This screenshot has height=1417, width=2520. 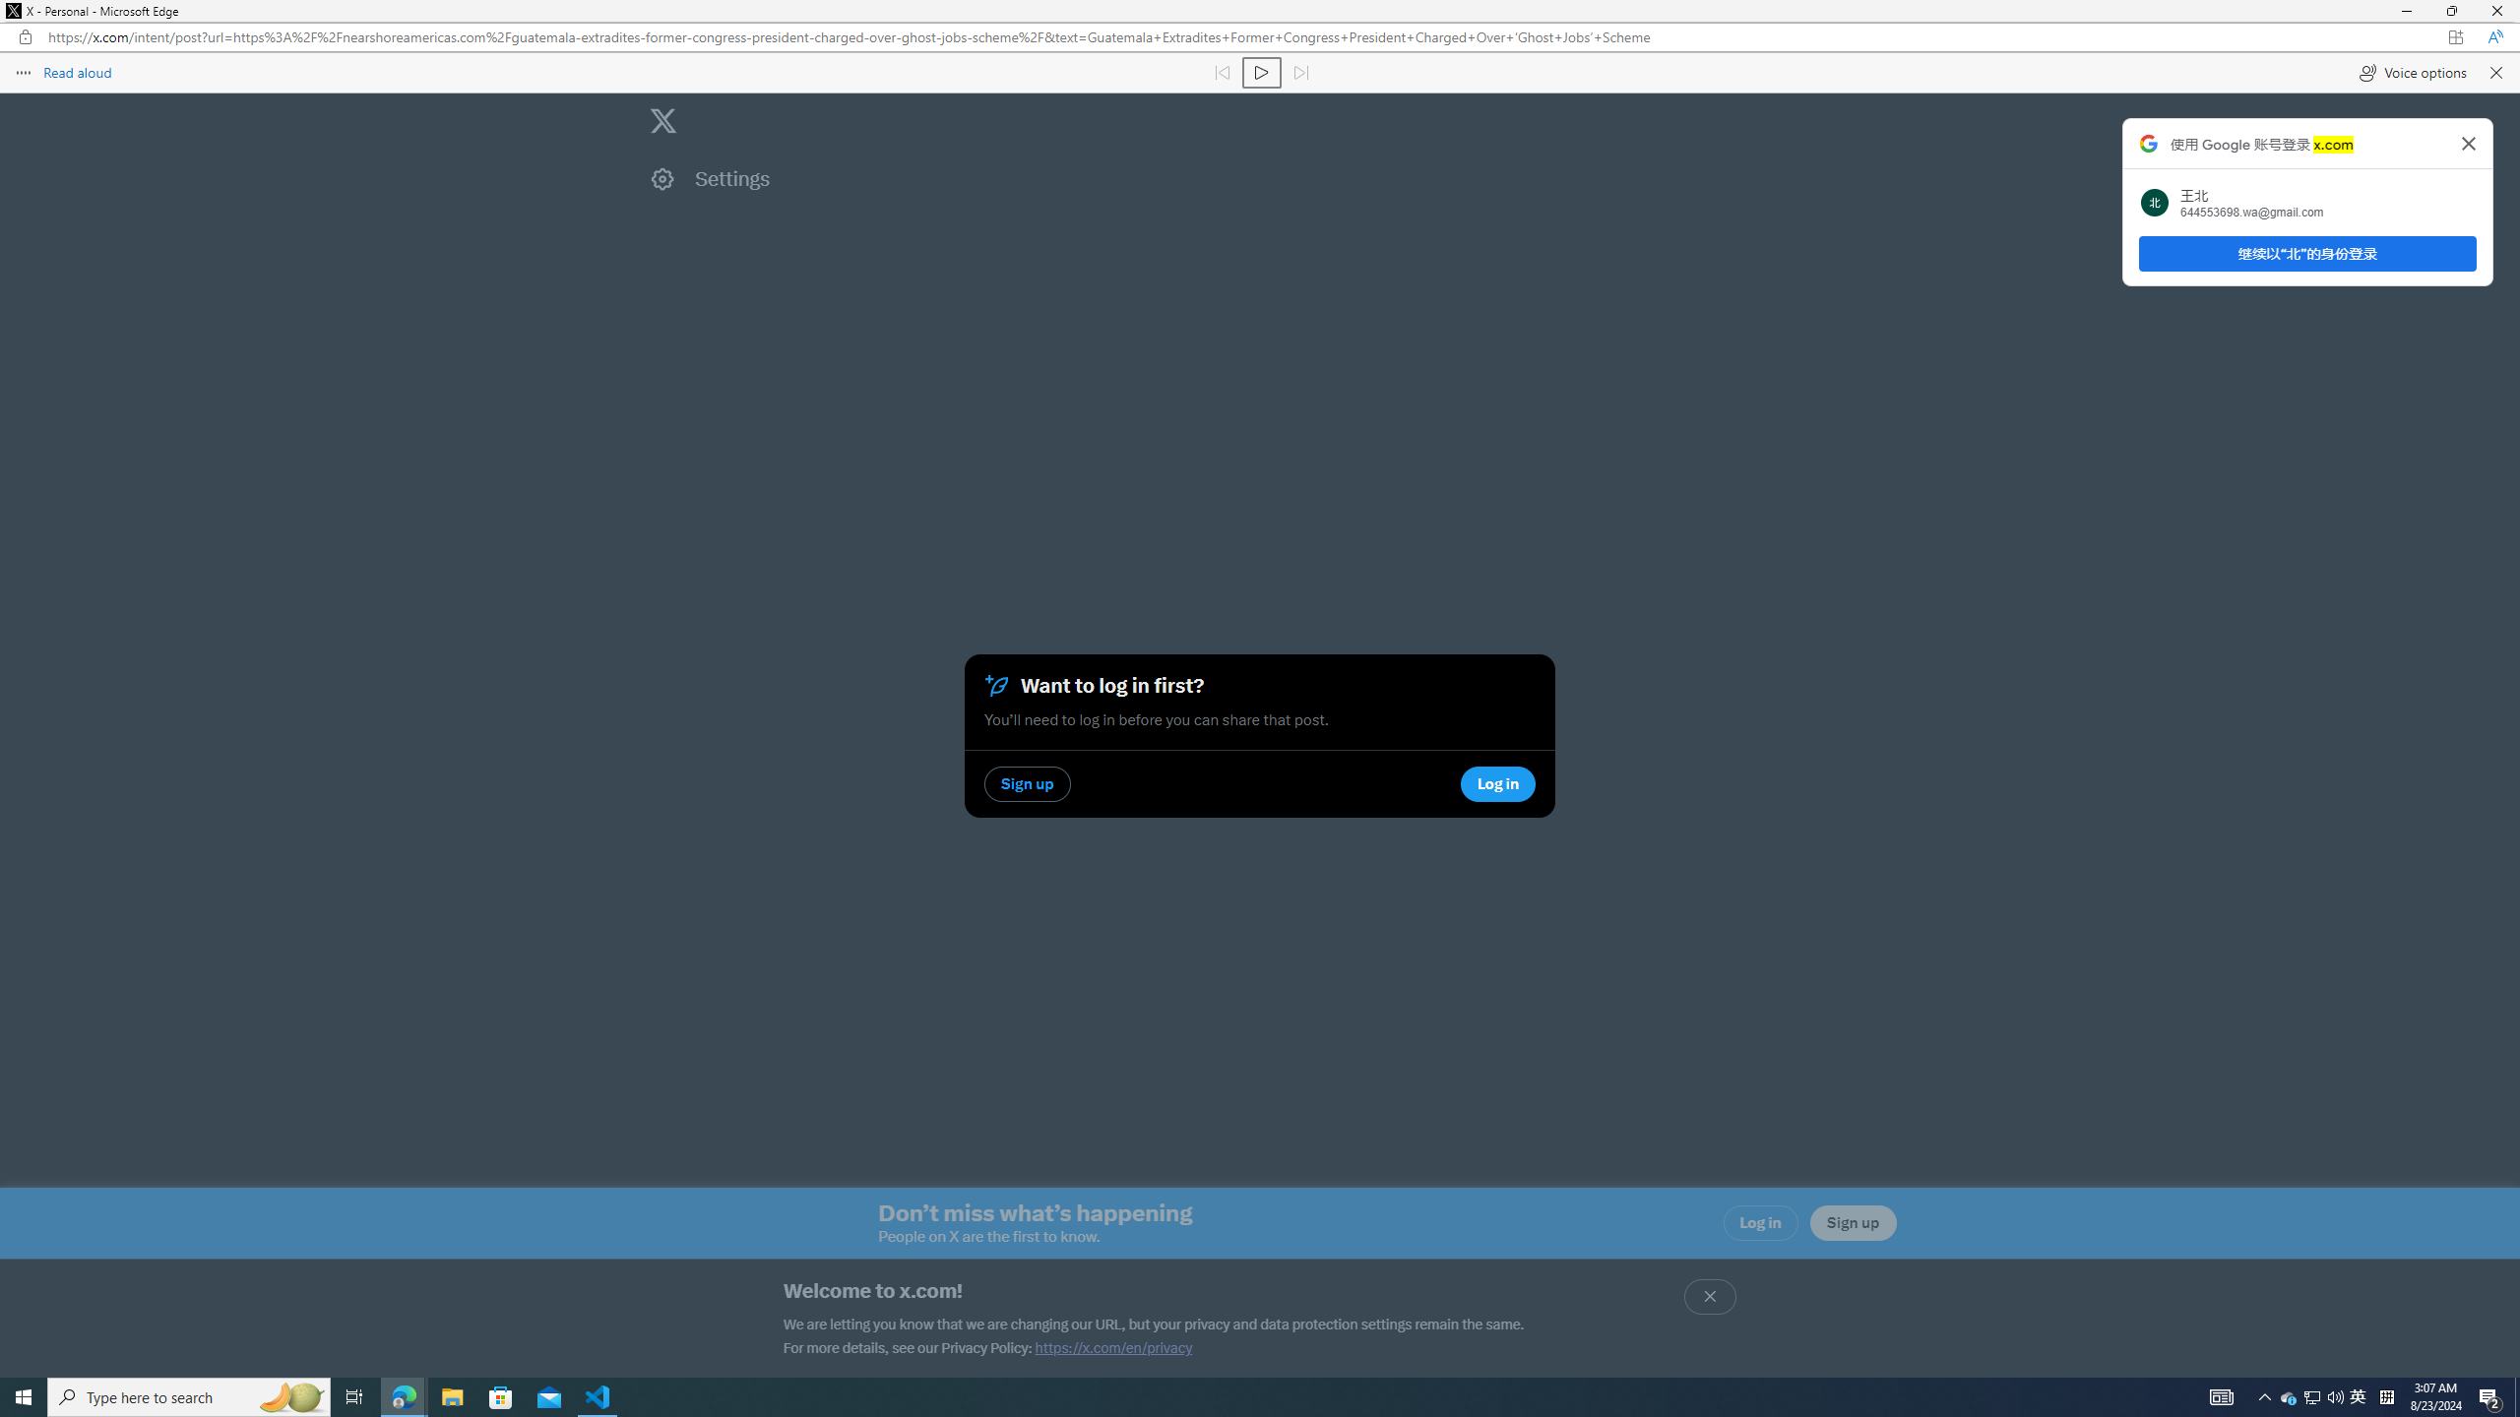 What do you see at coordinates (1112, 1348) in the screenshot?
I see `'https://x.com/en/privacy'` at bounding box center [1112, 1348].